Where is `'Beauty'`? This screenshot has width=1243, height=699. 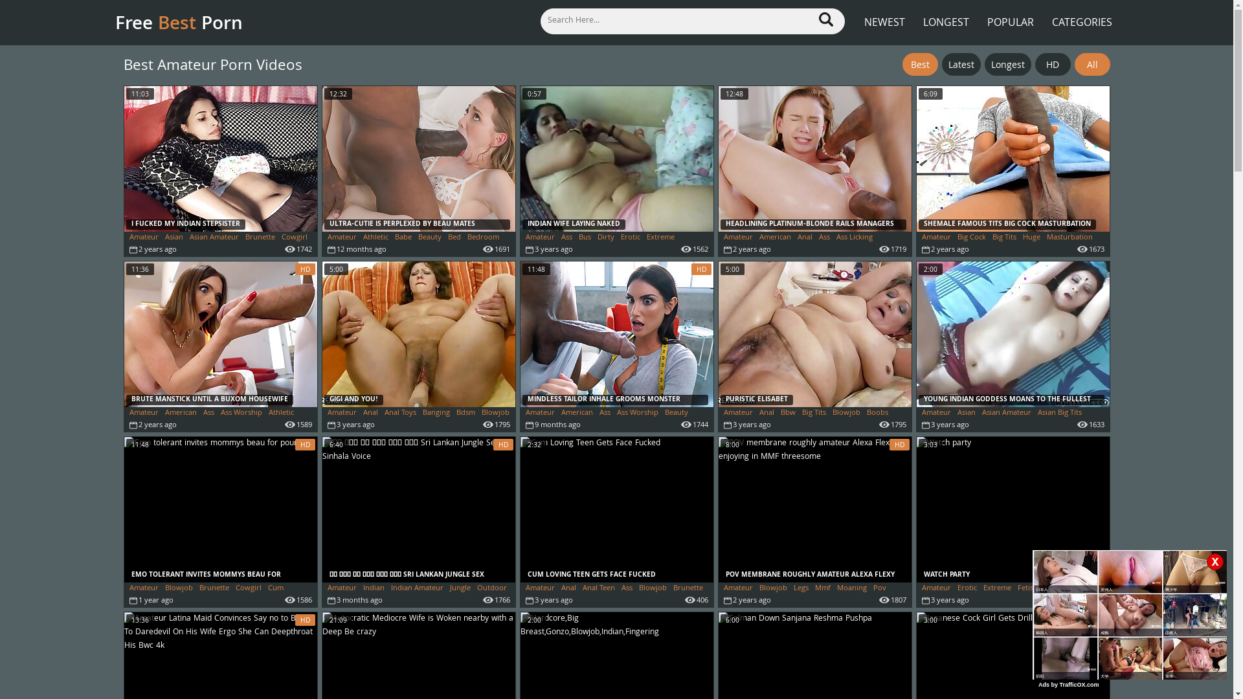 'Beauty' is located at coordinates (429, 238).